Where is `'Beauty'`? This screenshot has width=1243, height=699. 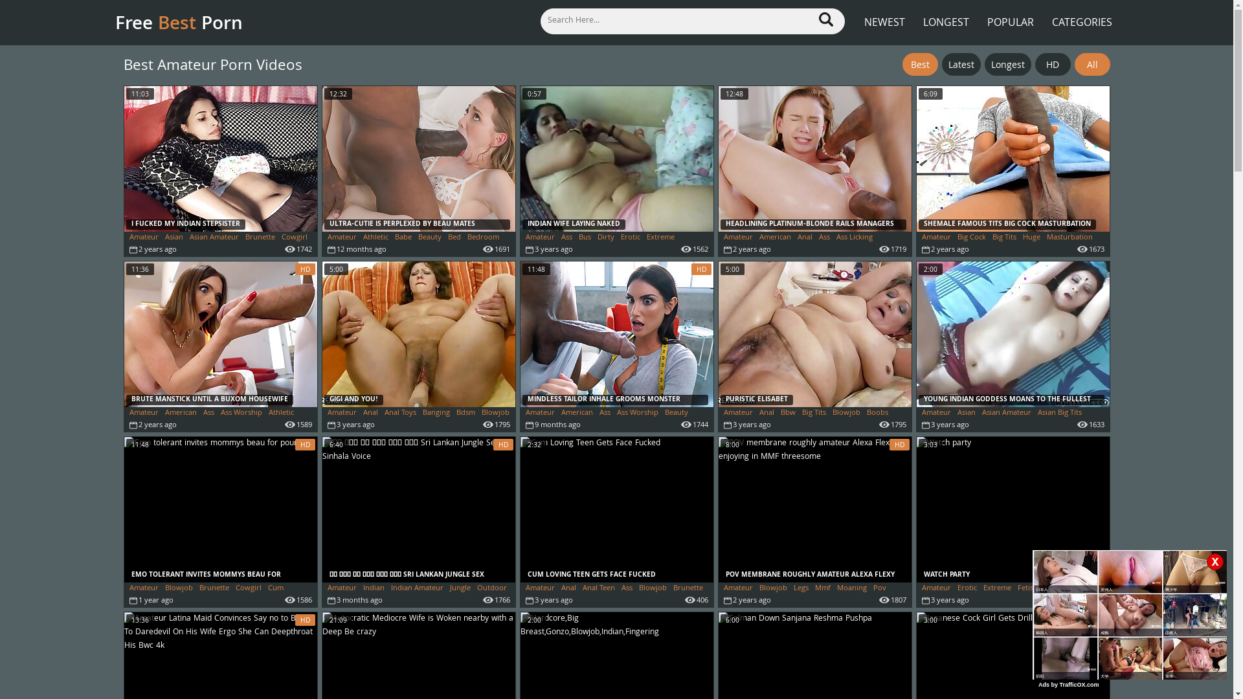 'Beauty' is located at coordinates (429, 238).